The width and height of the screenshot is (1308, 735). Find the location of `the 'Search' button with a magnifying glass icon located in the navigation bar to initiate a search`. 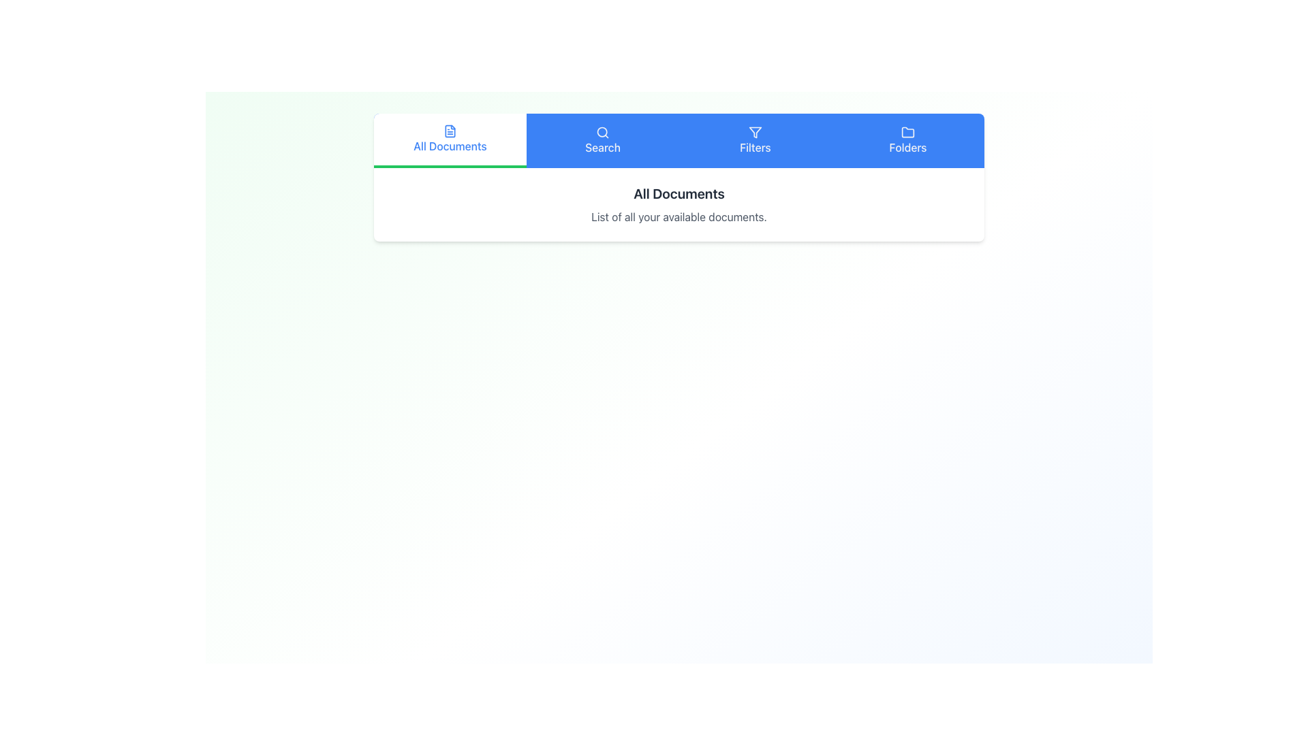

the 'Search' button with a magnifying glass icon located in the navigation bar to initiate a search is located at coordinates (602, 141).